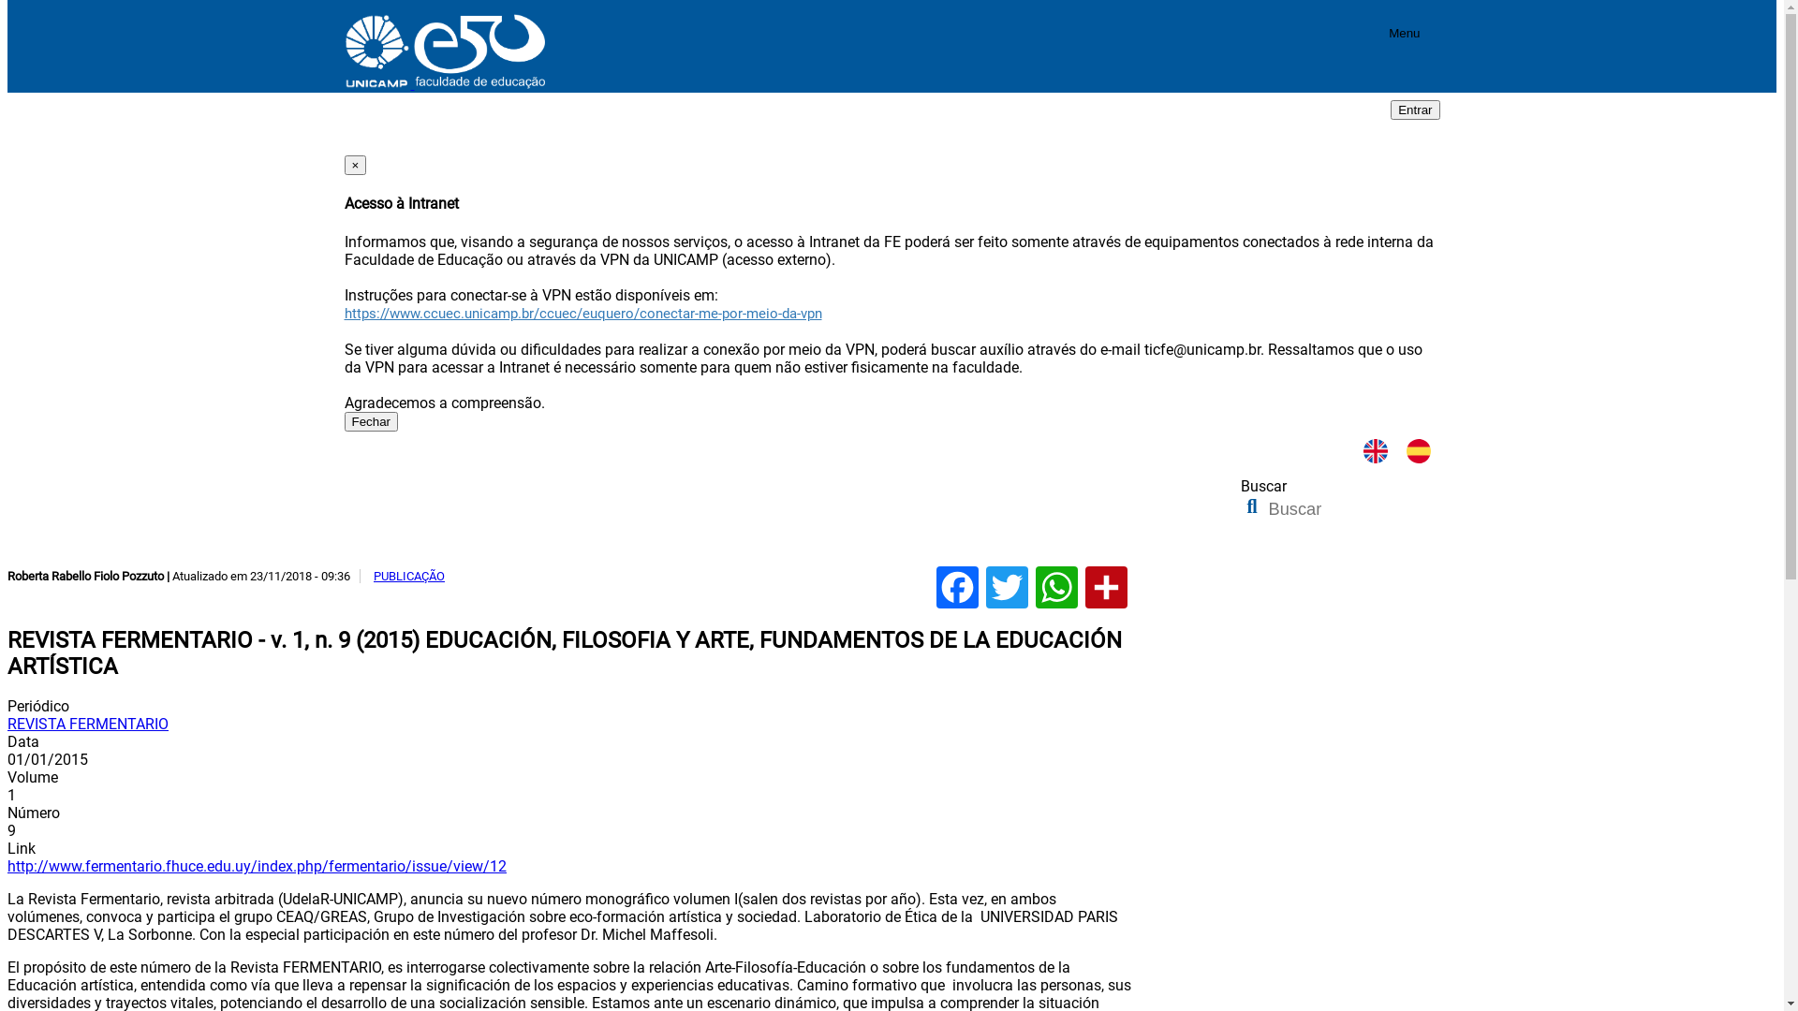  Describe the element at coordinates (1056, 586) in the screenshot. I see `'WhatsApp'` at that location.